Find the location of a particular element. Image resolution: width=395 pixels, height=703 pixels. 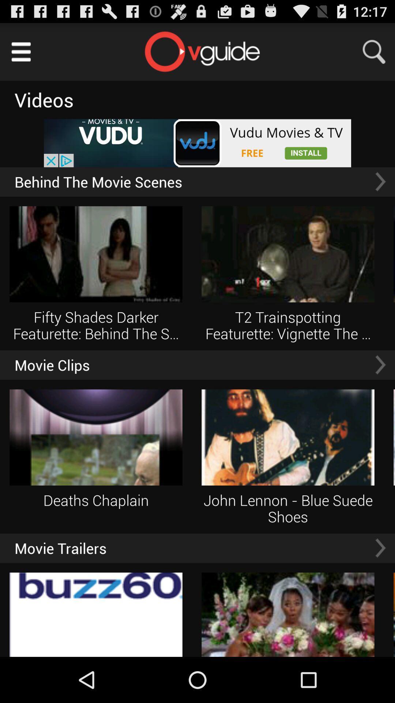

options is located at coordinates (20, 51).